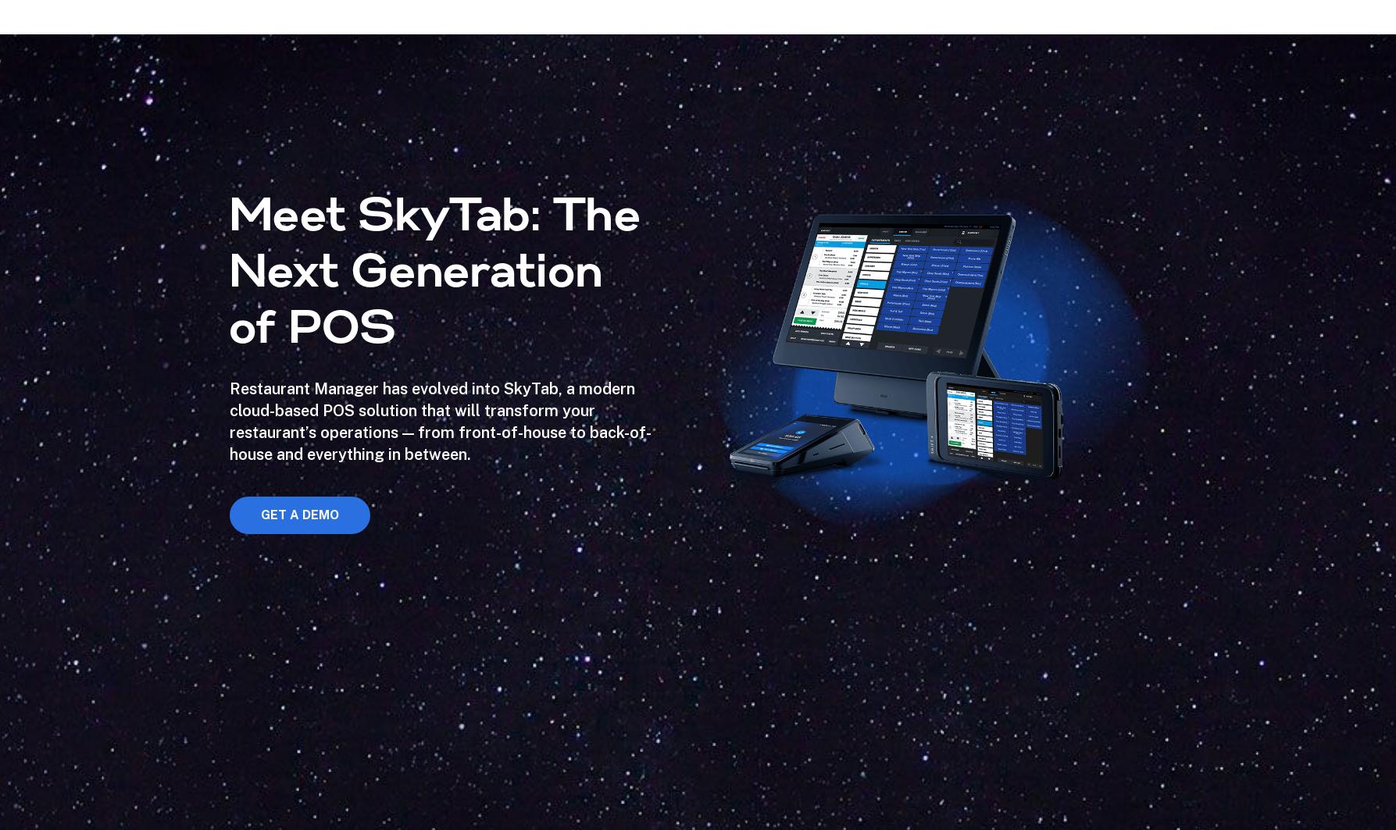 The width and height of the screenshot is (1396, 830). Describe the element at coordinates (639, 17) in the screenshot. I see `'Getting burned by extra fees?'` at that location.